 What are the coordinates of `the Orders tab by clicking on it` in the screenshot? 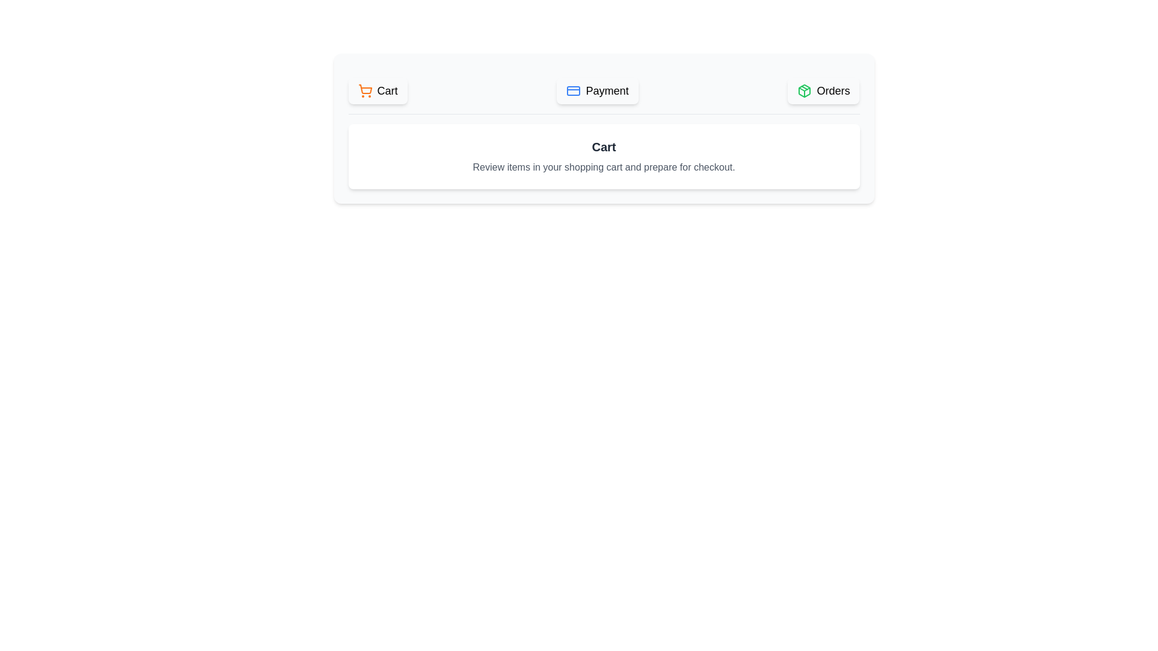 It's located at (823, 90).